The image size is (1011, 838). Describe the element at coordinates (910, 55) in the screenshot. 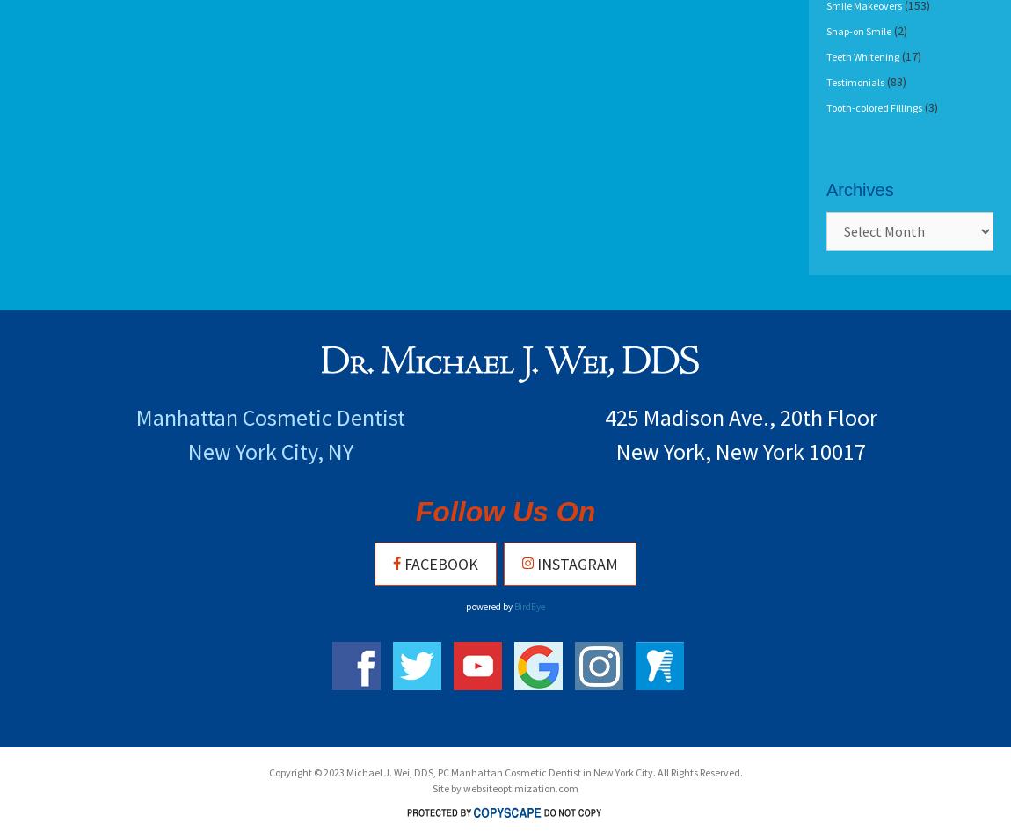

I see `'(17)'` at that location.